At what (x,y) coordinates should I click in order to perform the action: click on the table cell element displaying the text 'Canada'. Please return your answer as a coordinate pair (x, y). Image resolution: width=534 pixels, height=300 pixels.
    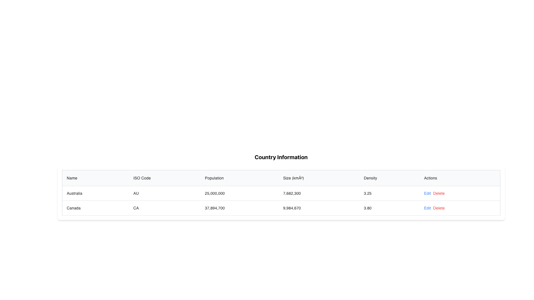
    Looking at the image, I should click on (95, 208).